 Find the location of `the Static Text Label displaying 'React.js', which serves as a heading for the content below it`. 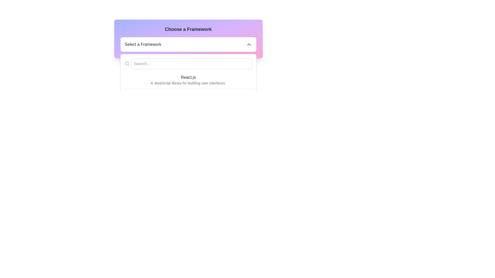

the Static Text Label displaying 'React.js', which serves as a heading for the content below it is located at coordinates (188, 77).